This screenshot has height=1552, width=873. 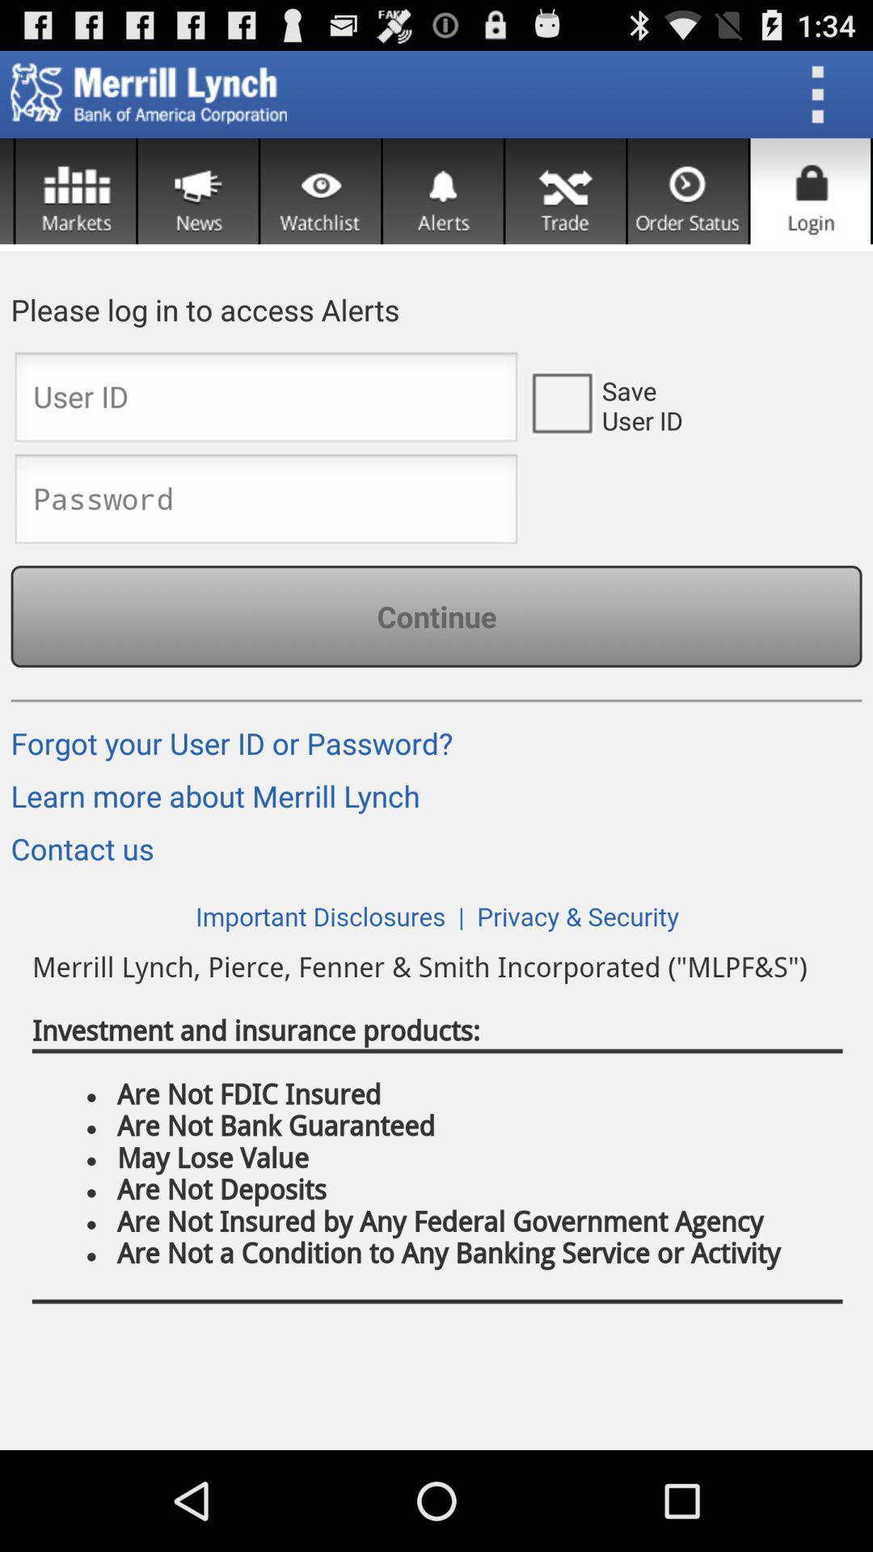 What do you see at coordinates (823, 100) in the screenshot?
I see `the more icon` at bounding box center [823, 100].